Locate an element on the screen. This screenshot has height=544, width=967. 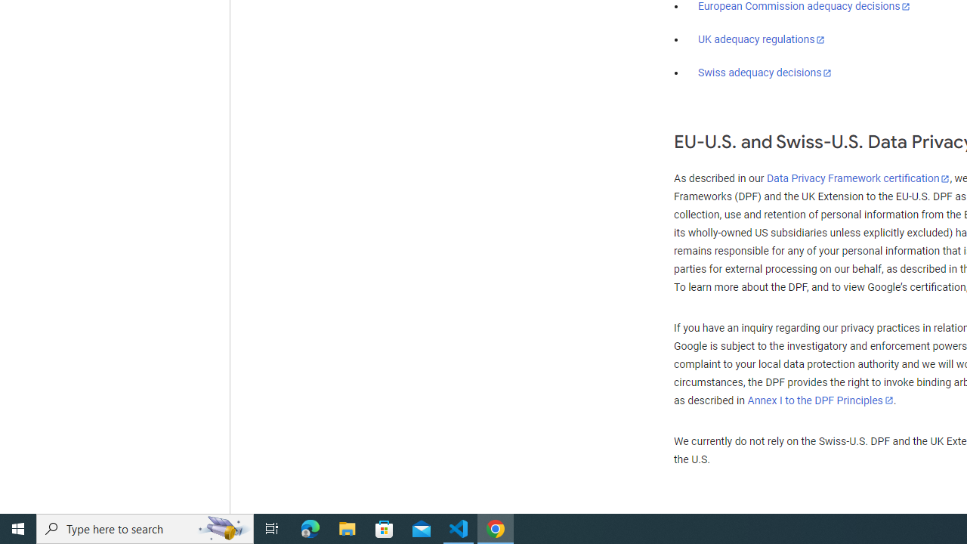
'Annex I to the DPF Principles' is located at coordinates (820, 400).